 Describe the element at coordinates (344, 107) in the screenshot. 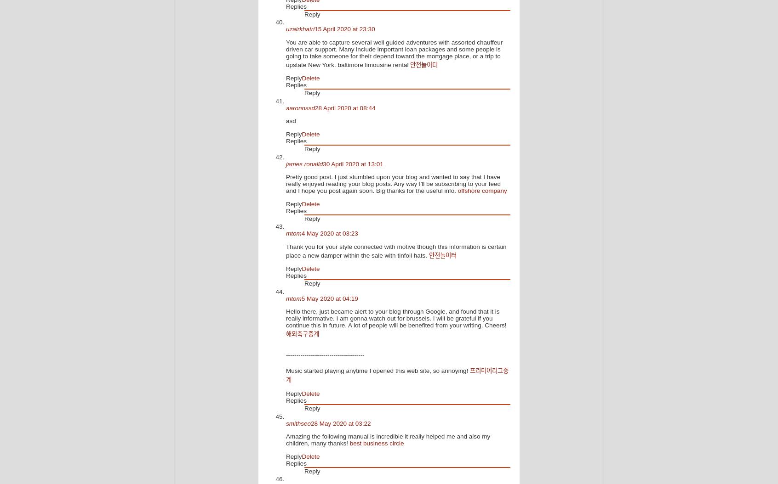

I see `'28 April 2020 at 08:44'` at that location.